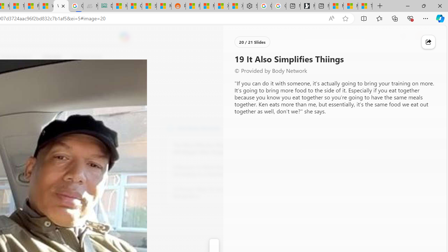 This screenshot has height=252, width=448. I want to click on 'MSNBC - MSN', so click(120, 6).